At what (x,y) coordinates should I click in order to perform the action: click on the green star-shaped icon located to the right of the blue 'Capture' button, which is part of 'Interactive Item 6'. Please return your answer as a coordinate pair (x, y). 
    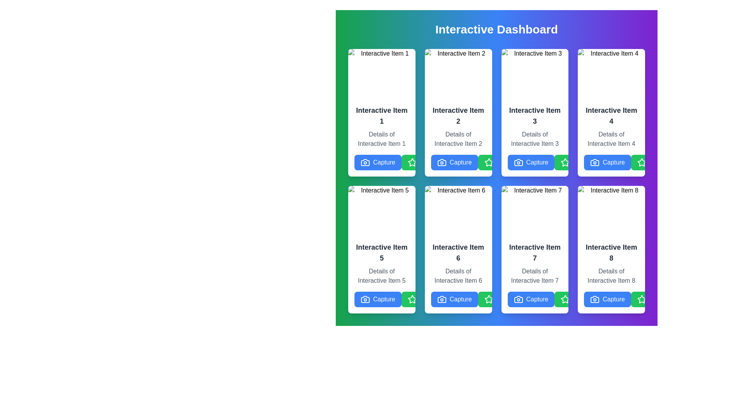
    Looking at the image, I should click on (488, 299).